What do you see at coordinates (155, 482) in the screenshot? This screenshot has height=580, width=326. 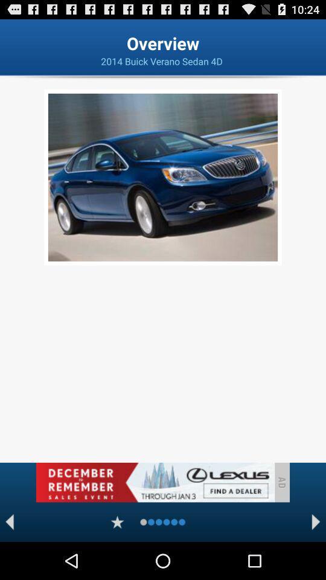 I see `advertisement` at bounding box center [155, 482].